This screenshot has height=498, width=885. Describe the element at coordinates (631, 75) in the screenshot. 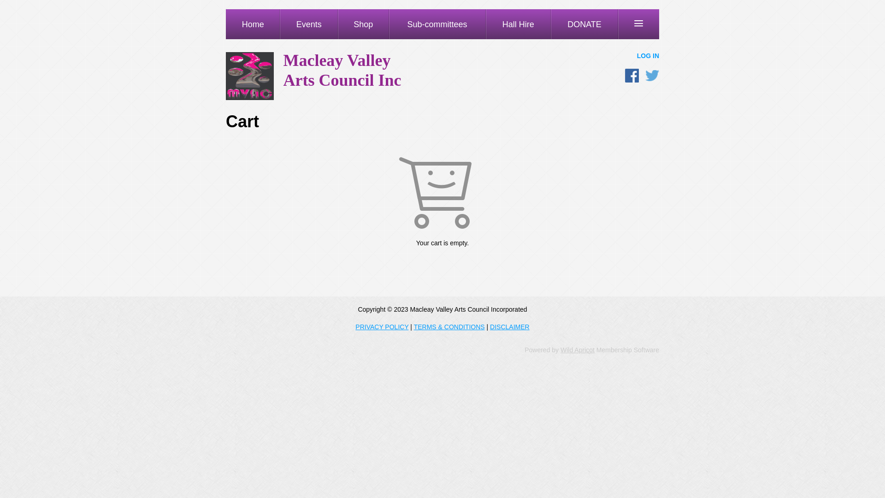

I see `'Facebook'` at that location.